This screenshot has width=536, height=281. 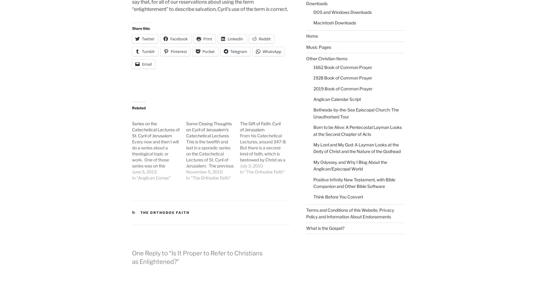 What do you see at coordinates (313, 130) in the screenshot?
I see `'Born to be Alive: A Pentecostal Layman Looks at the Second Chapter of Acts'` at bounding box center [313, 130].